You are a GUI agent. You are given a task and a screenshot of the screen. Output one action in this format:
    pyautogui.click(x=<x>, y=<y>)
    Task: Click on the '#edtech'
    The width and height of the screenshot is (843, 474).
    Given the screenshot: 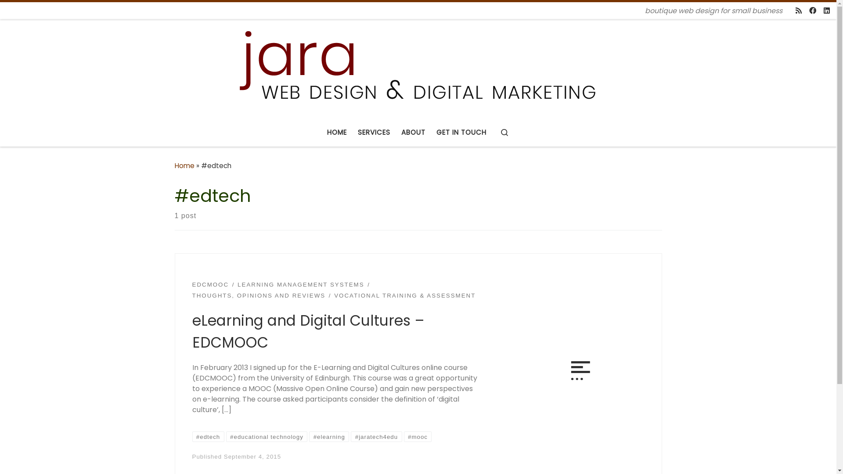 What is the action you would take?
    pyautogui.click(x=208, y=437)
    